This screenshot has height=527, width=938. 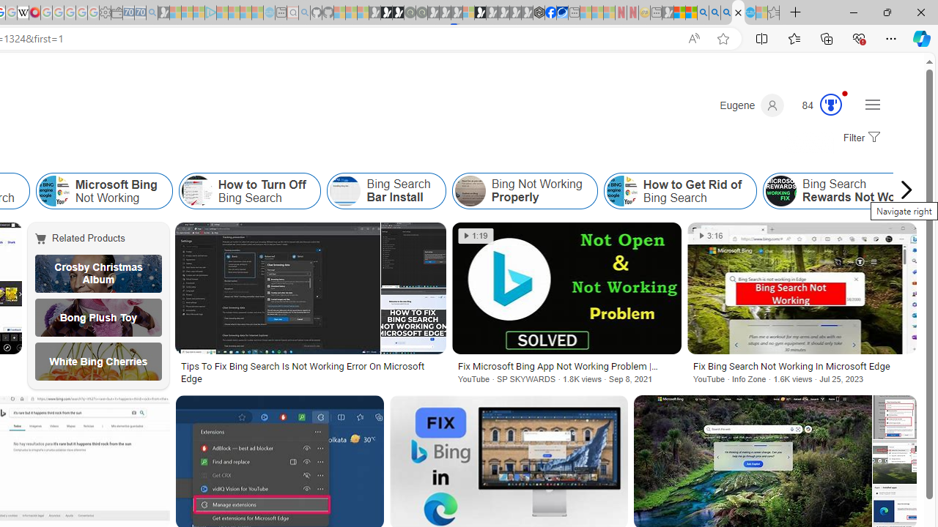 I want to click on 'White Bing Cherries', so click(x=98, y=361).